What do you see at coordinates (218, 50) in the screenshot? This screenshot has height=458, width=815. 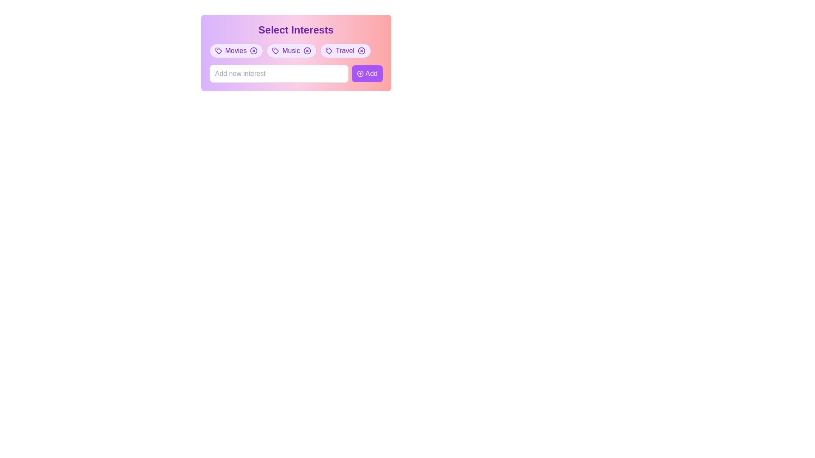 I see `the graphical icon resembling a tag that is located to the left of the text label 'Movies'` at bounding box center [218, 50].